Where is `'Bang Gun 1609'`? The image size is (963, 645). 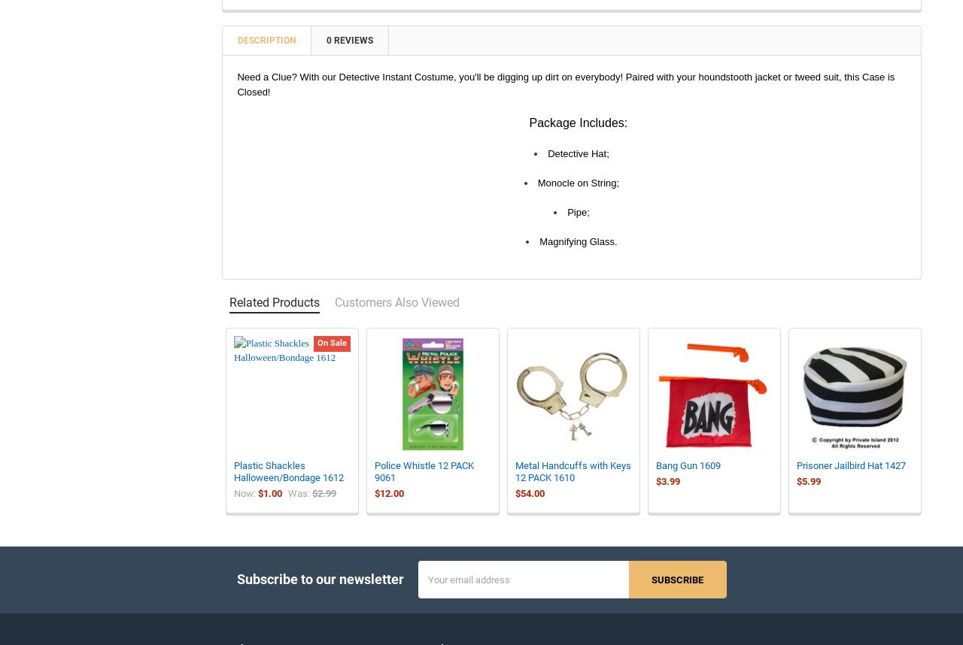
'Bang Gun 1609' is located at coordinates (655, 475).